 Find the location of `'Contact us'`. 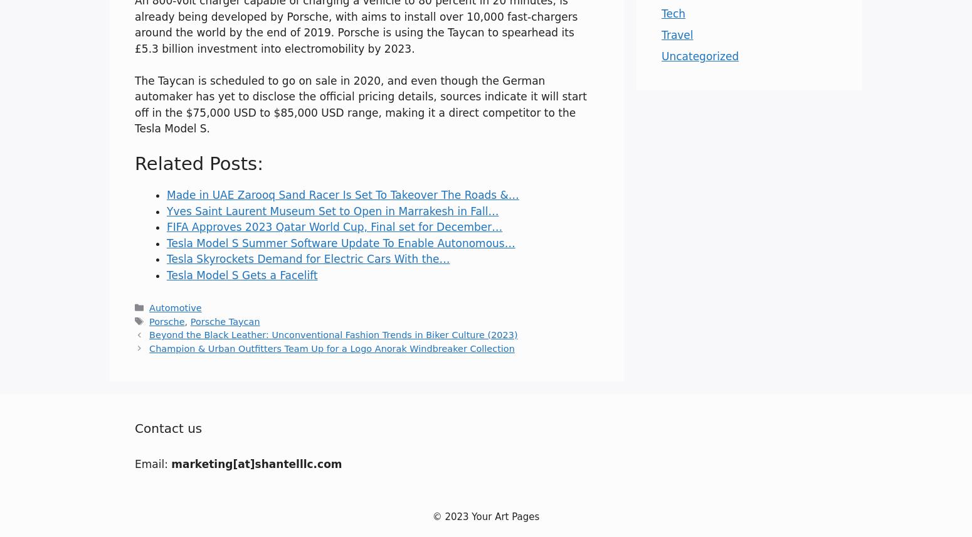

'Contact us' is located at coordinates (168, 427).